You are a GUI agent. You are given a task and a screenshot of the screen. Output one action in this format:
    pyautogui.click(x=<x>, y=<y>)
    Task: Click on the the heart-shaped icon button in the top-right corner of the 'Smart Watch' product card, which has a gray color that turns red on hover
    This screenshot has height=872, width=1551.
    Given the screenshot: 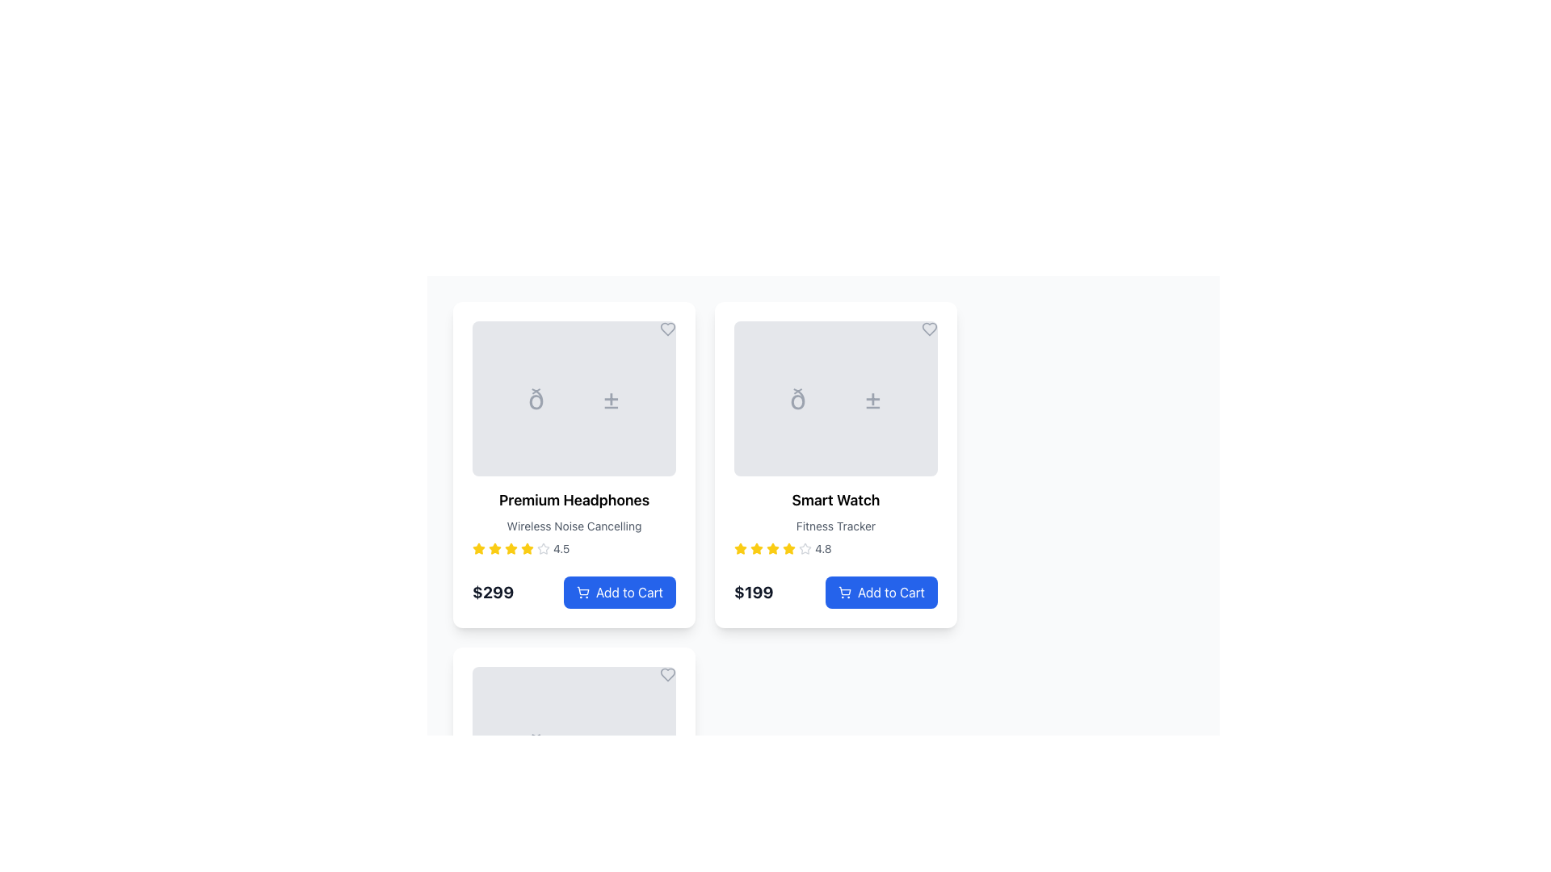 What is the action you would take?
    pyautogui.click(x=930, y=329)
    